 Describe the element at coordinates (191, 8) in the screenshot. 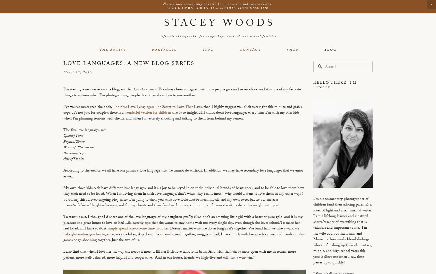

I see `'CLICK HERE FOR INFO'` at that location.